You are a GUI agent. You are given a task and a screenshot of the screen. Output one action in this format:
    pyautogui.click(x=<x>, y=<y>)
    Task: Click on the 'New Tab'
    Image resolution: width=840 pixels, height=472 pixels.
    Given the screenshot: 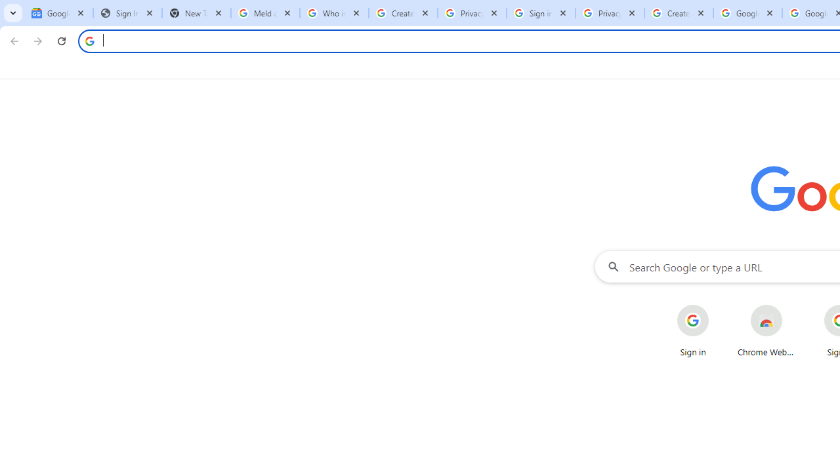 What is the action you would take?
    pyautogui.click(x=196, y=13)
    